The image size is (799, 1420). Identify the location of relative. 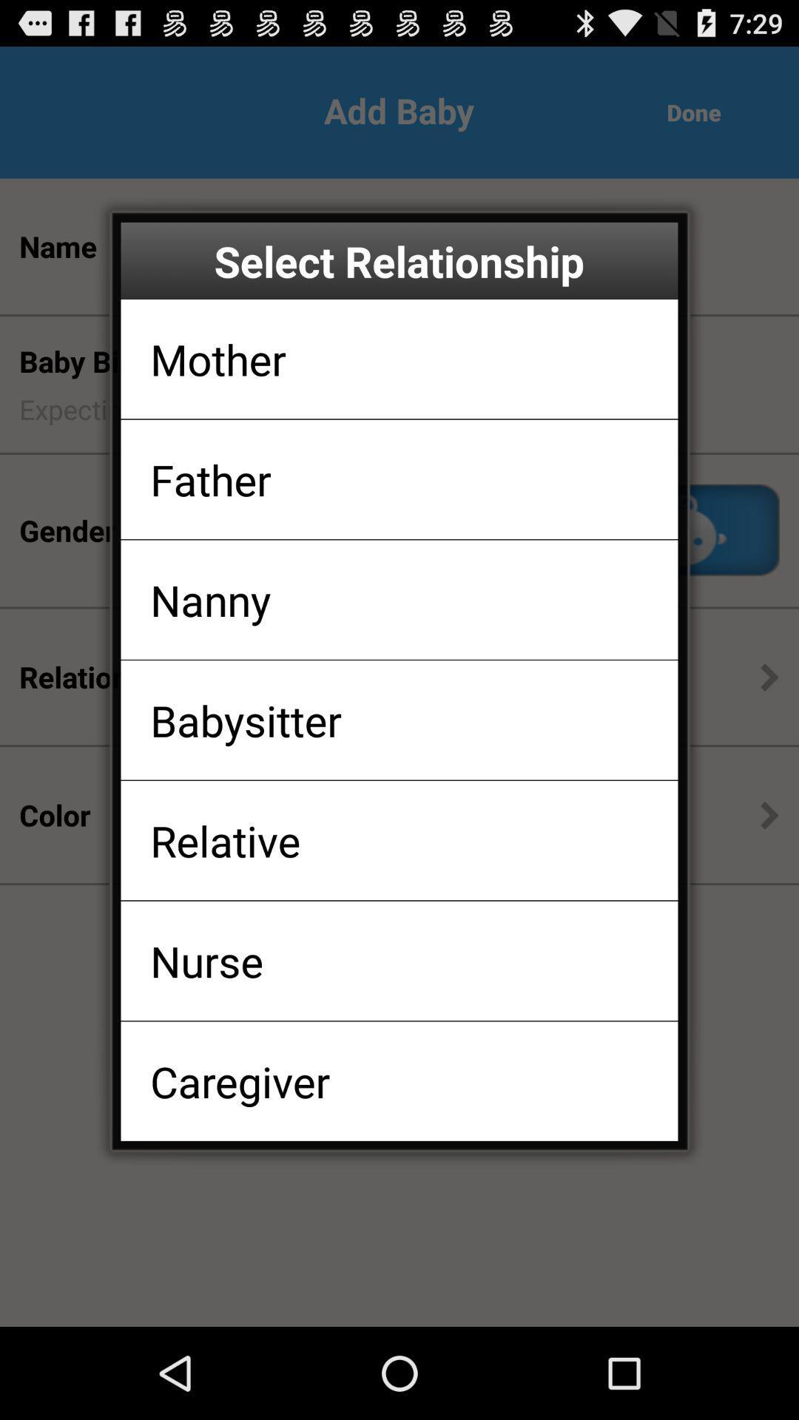
(225, 840).